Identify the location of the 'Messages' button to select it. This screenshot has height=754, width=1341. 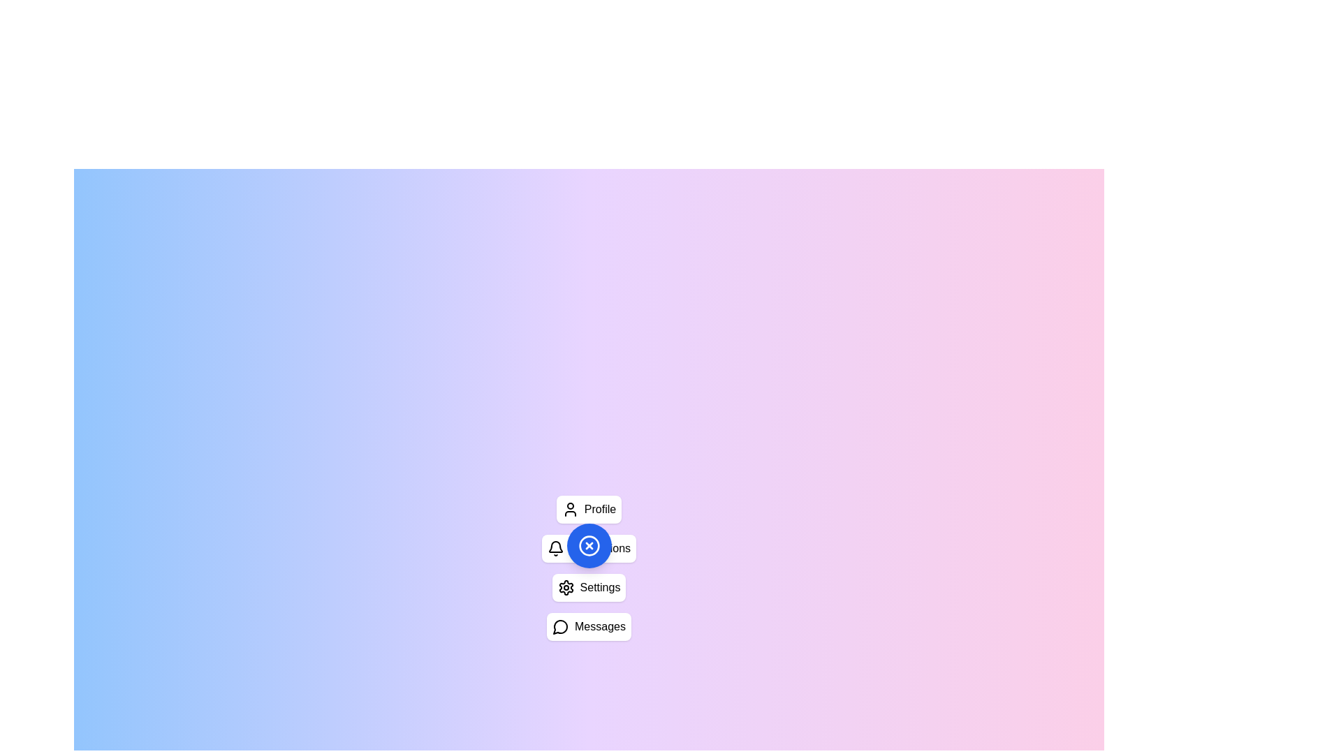
(589, 626).